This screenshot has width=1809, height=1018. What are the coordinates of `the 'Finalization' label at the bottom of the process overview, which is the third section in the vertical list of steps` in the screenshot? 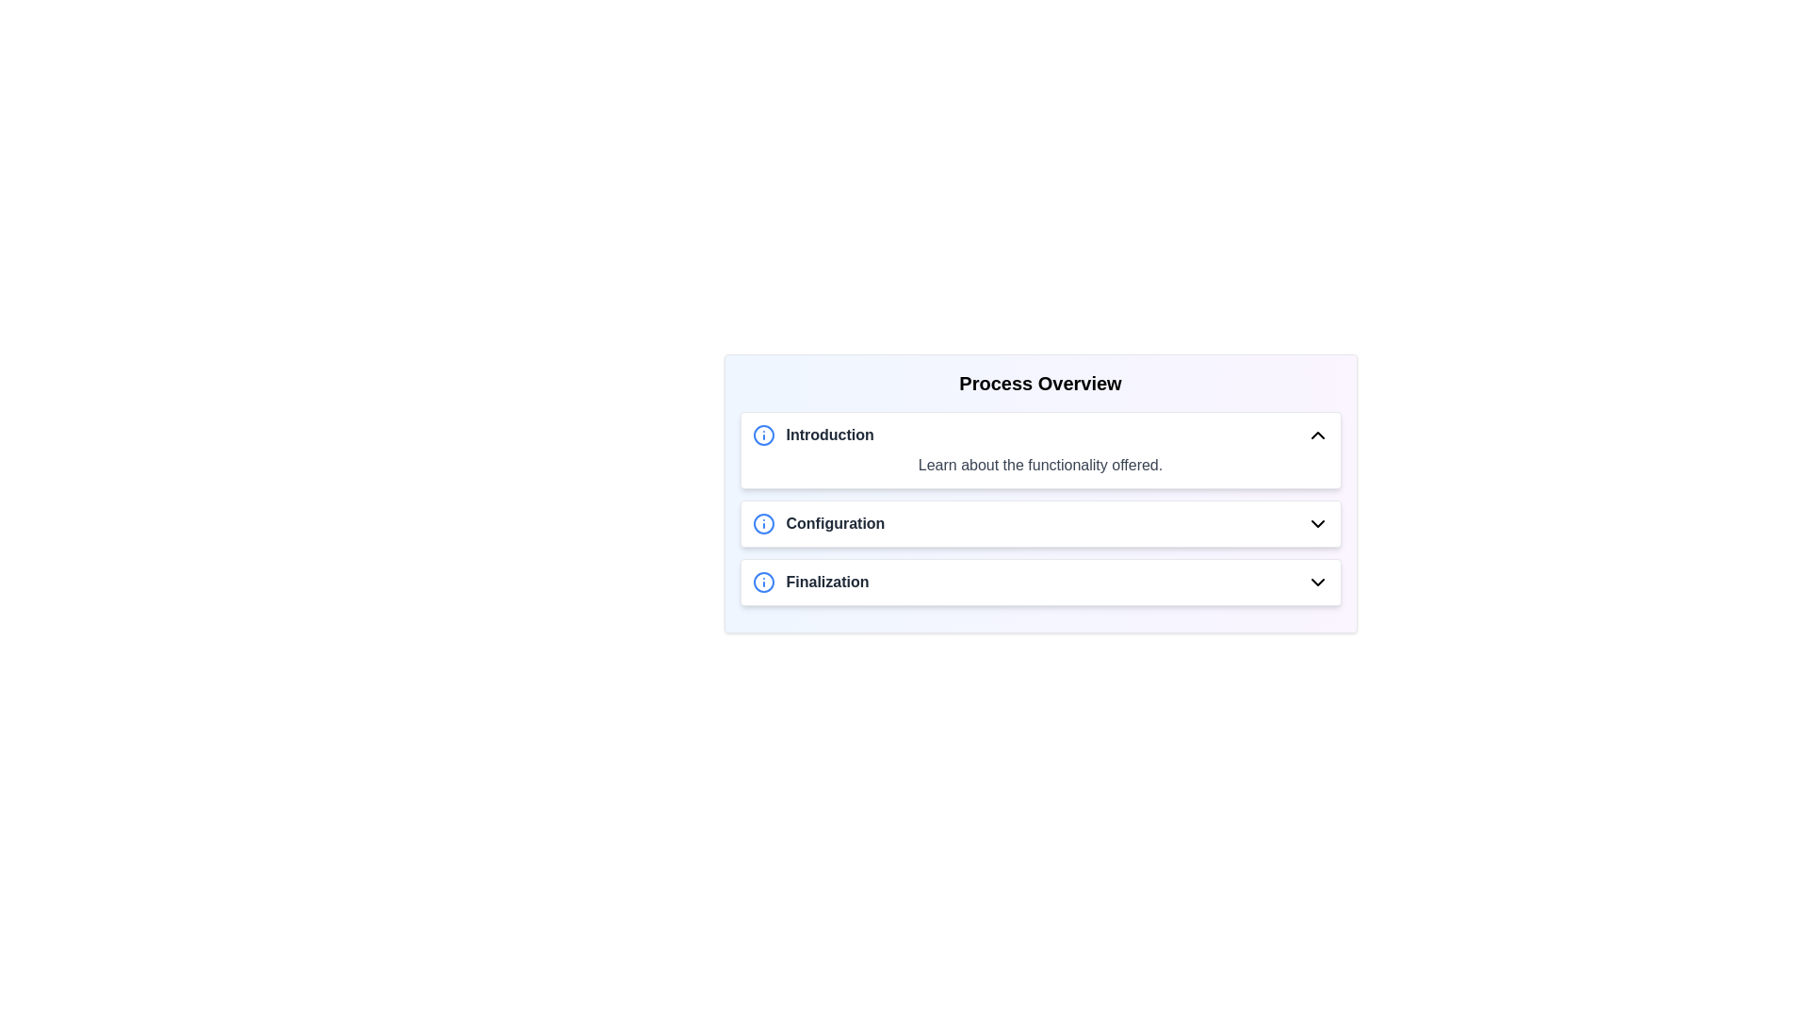 It's located at (810, 581).